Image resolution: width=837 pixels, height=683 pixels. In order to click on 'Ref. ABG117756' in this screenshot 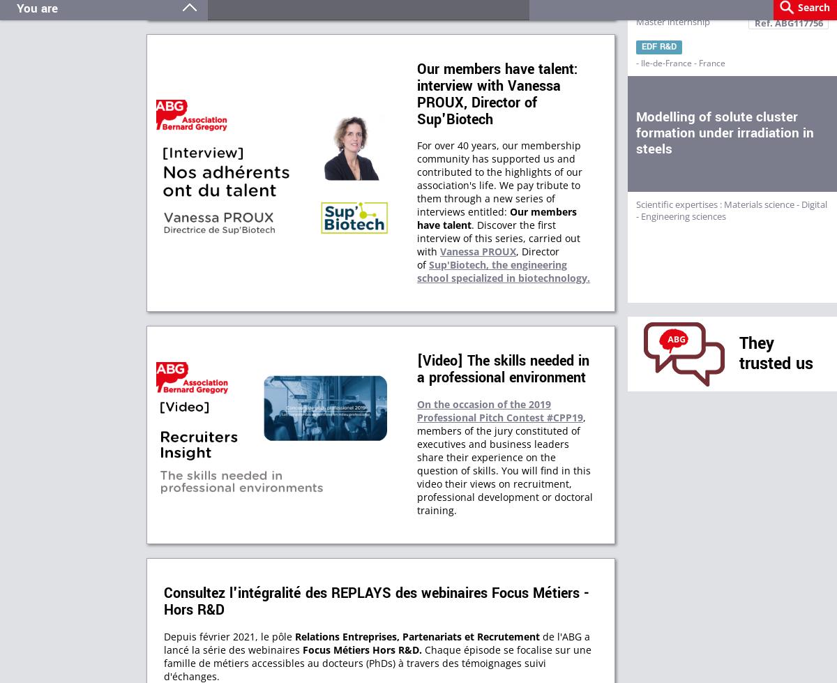, I will do `click(788, 23)`.